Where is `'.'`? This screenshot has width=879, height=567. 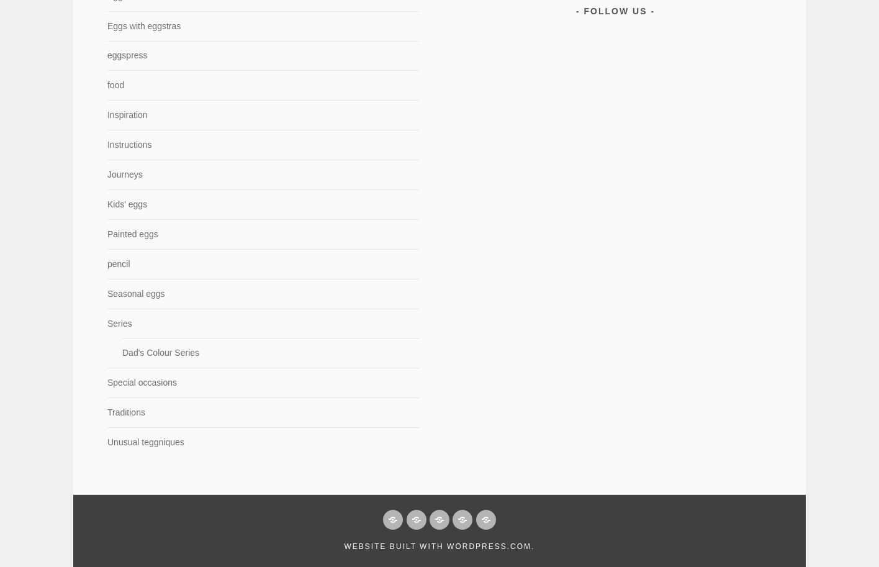
'.' is located at coordinates (533, 546).